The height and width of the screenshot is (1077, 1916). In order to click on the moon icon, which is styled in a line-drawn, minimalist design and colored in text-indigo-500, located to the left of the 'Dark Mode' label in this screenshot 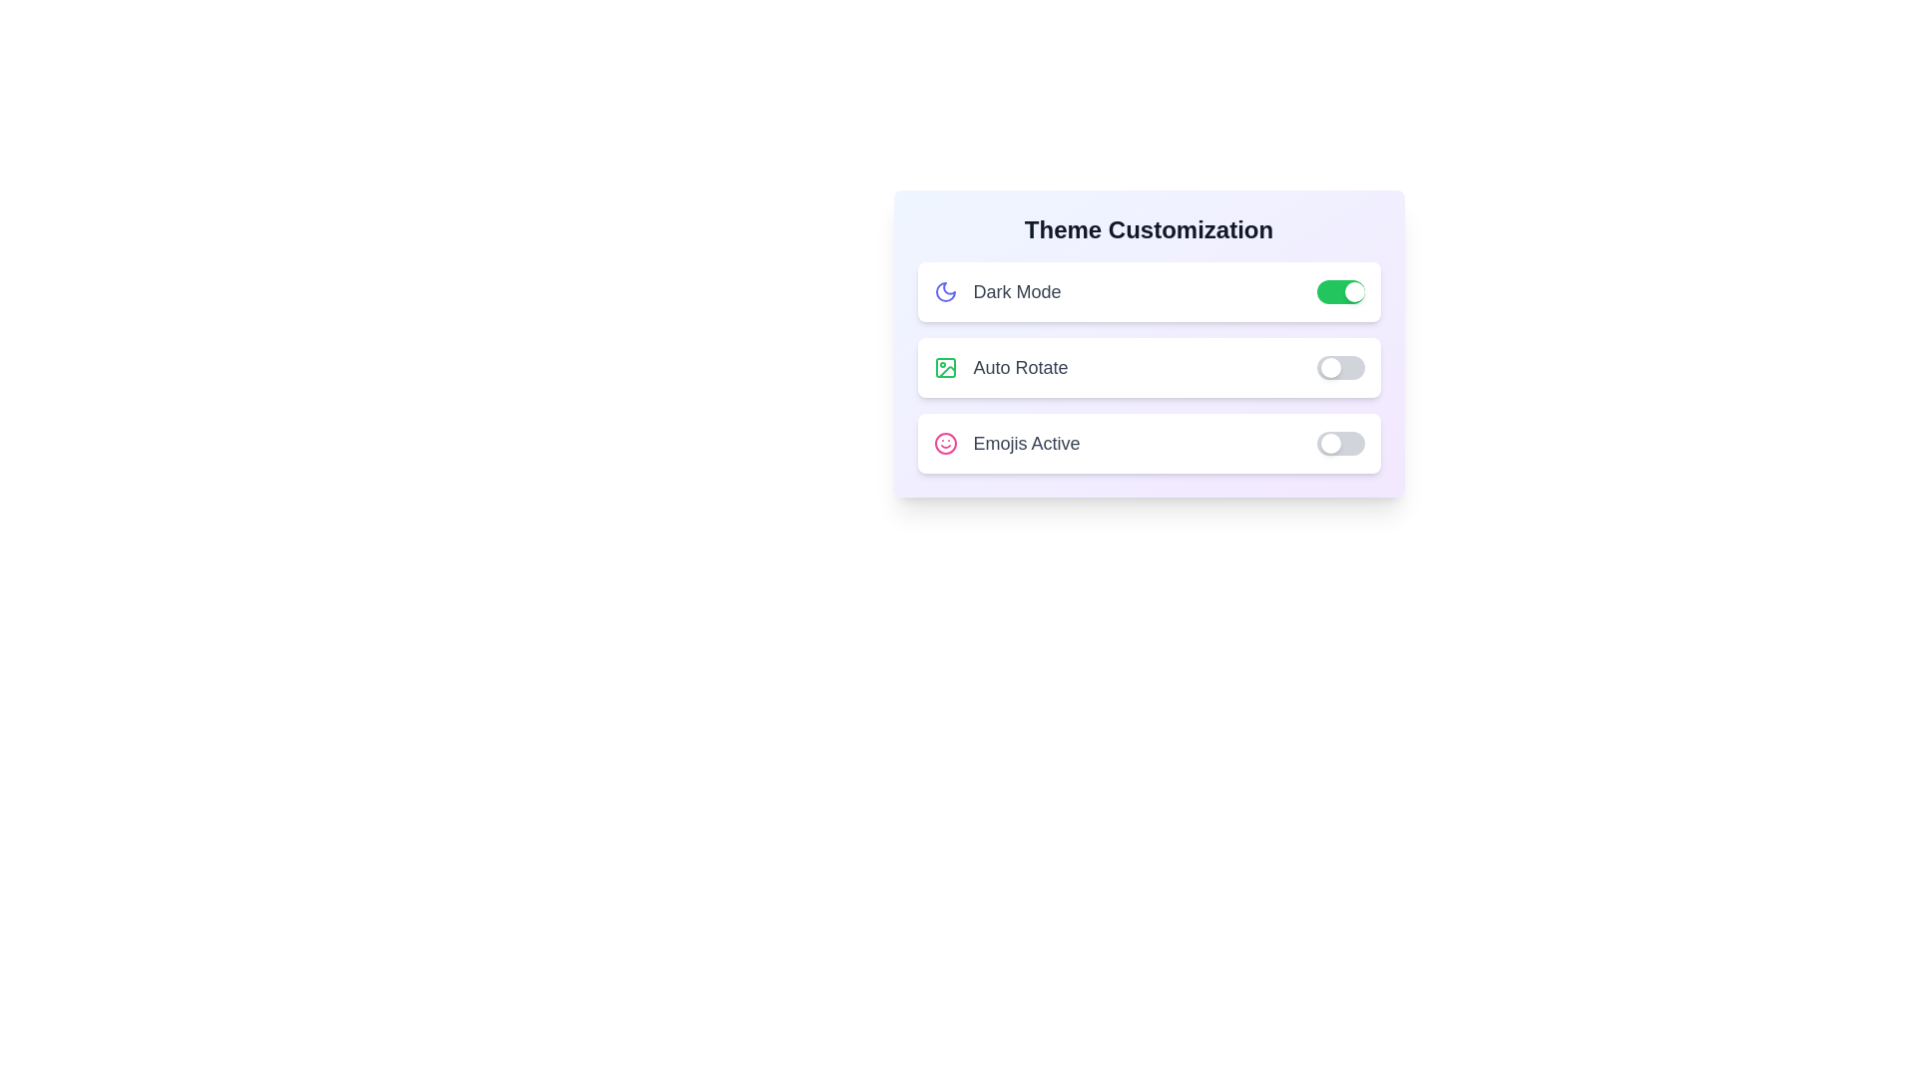, I will do `click(944, 292)`.